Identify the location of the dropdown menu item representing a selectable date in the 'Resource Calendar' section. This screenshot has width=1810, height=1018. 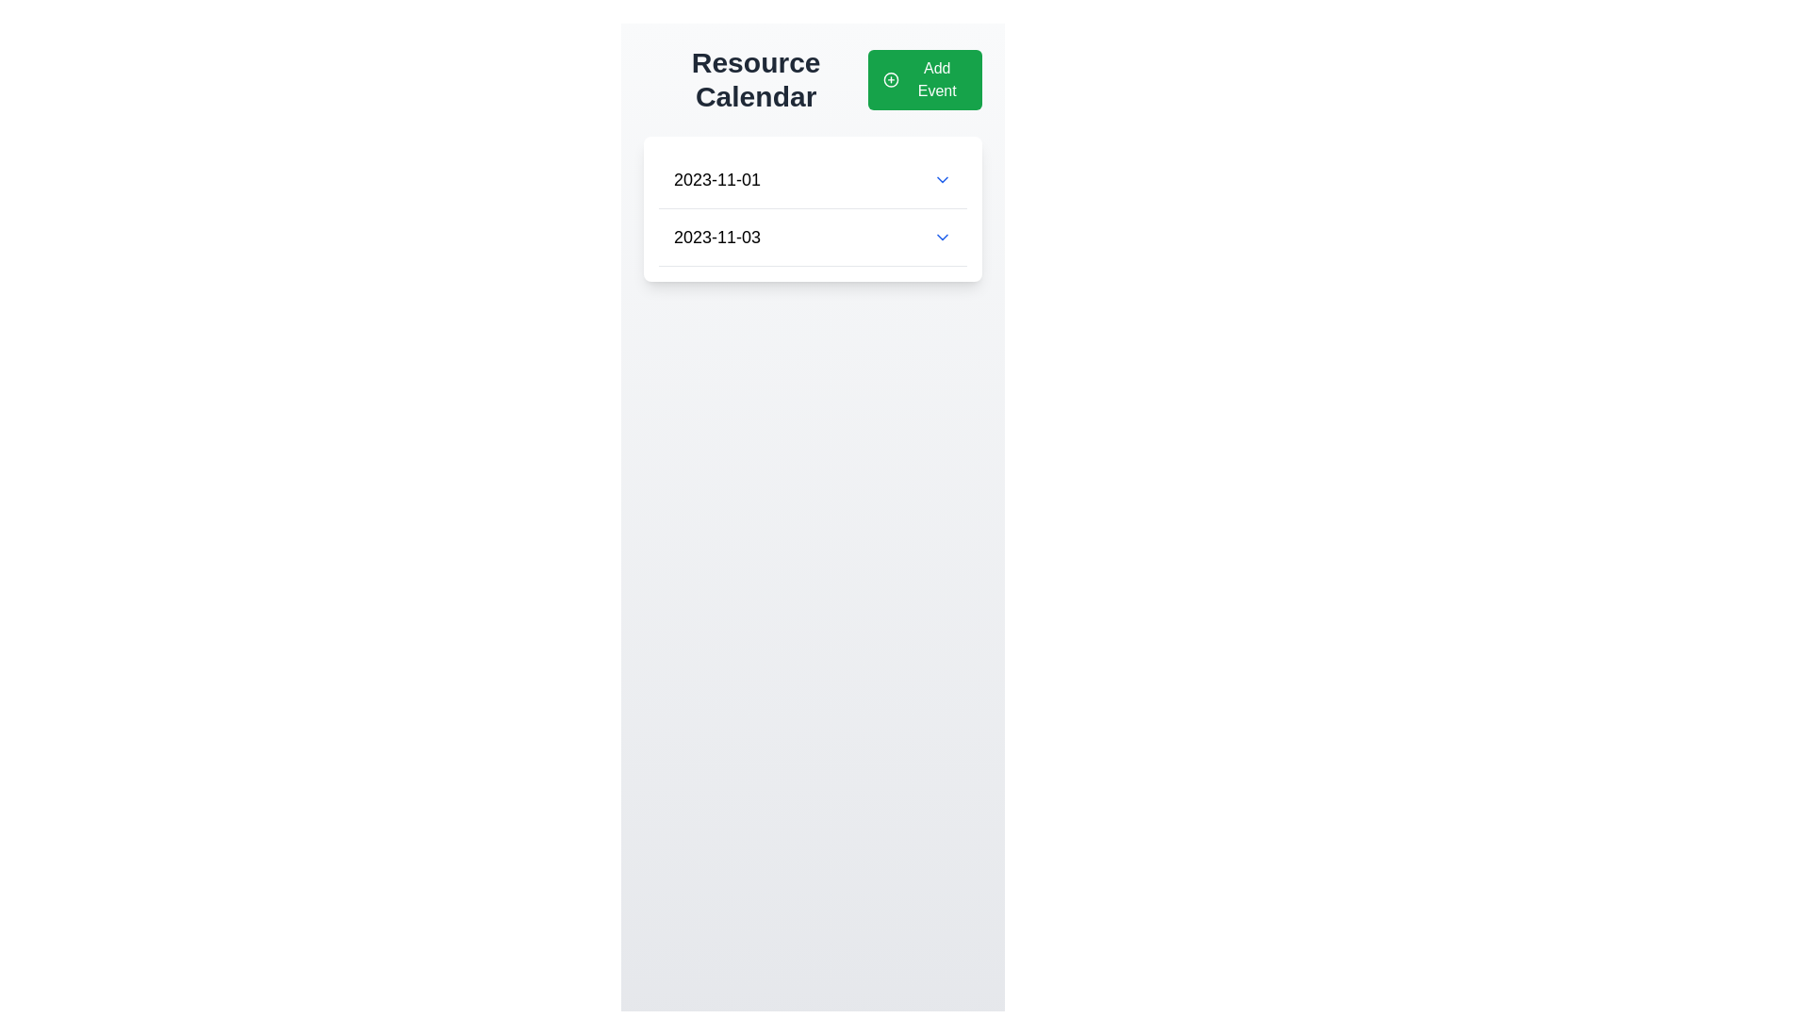
(813, 236).